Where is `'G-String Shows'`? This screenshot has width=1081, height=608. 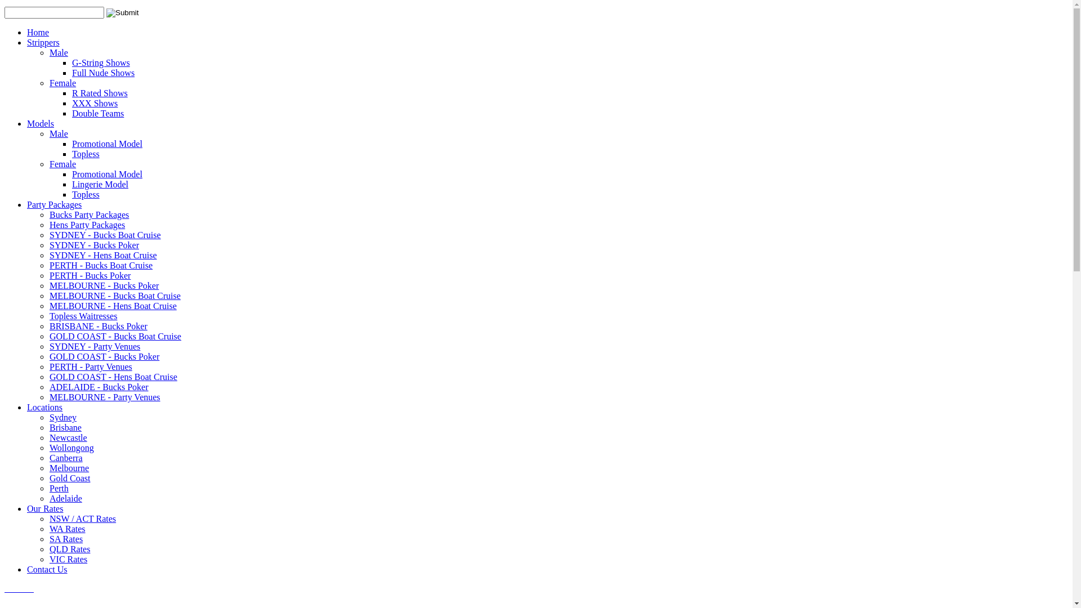
'G-String Shows' is located at coordinates (101, 62).